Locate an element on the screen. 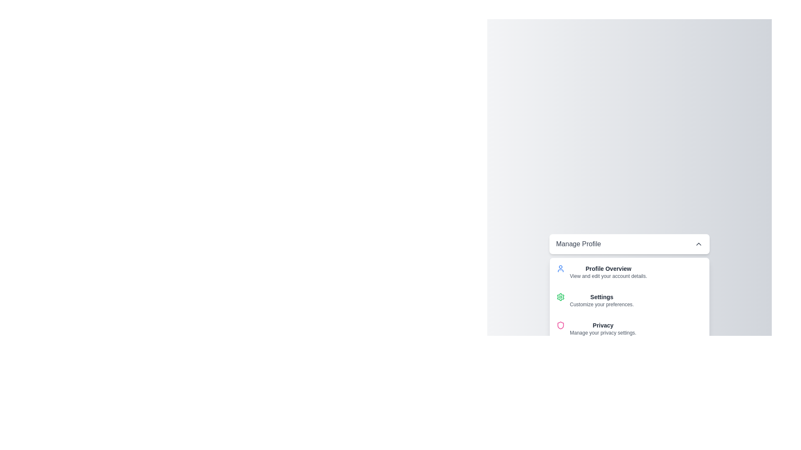  the second item in the vertical list under the 'Manage Profile' section, which is associated with a green gear icon is located at coordinates (602, 300).